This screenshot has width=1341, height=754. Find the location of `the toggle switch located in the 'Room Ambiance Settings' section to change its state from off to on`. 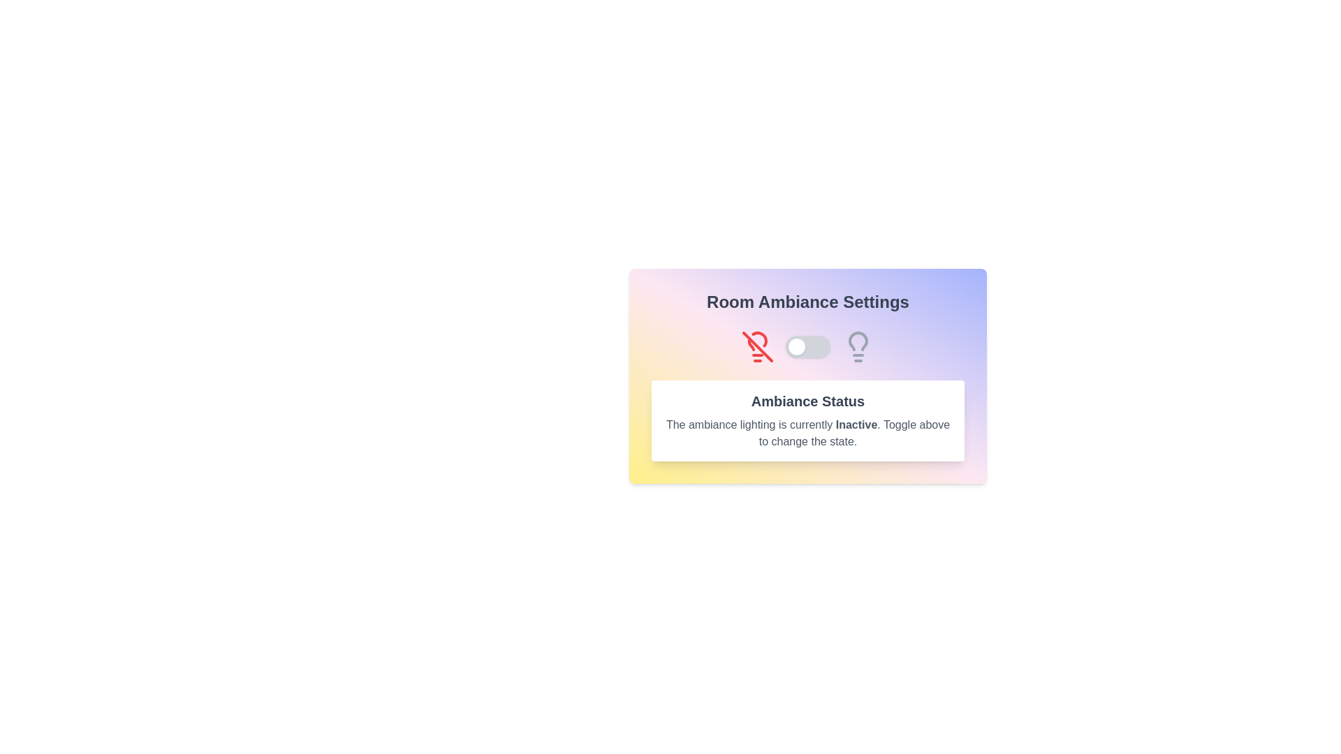

the toggle switch located in the 'Room Ambiance Settings' section to change its state from off to on is located at coordinates (807, 346).